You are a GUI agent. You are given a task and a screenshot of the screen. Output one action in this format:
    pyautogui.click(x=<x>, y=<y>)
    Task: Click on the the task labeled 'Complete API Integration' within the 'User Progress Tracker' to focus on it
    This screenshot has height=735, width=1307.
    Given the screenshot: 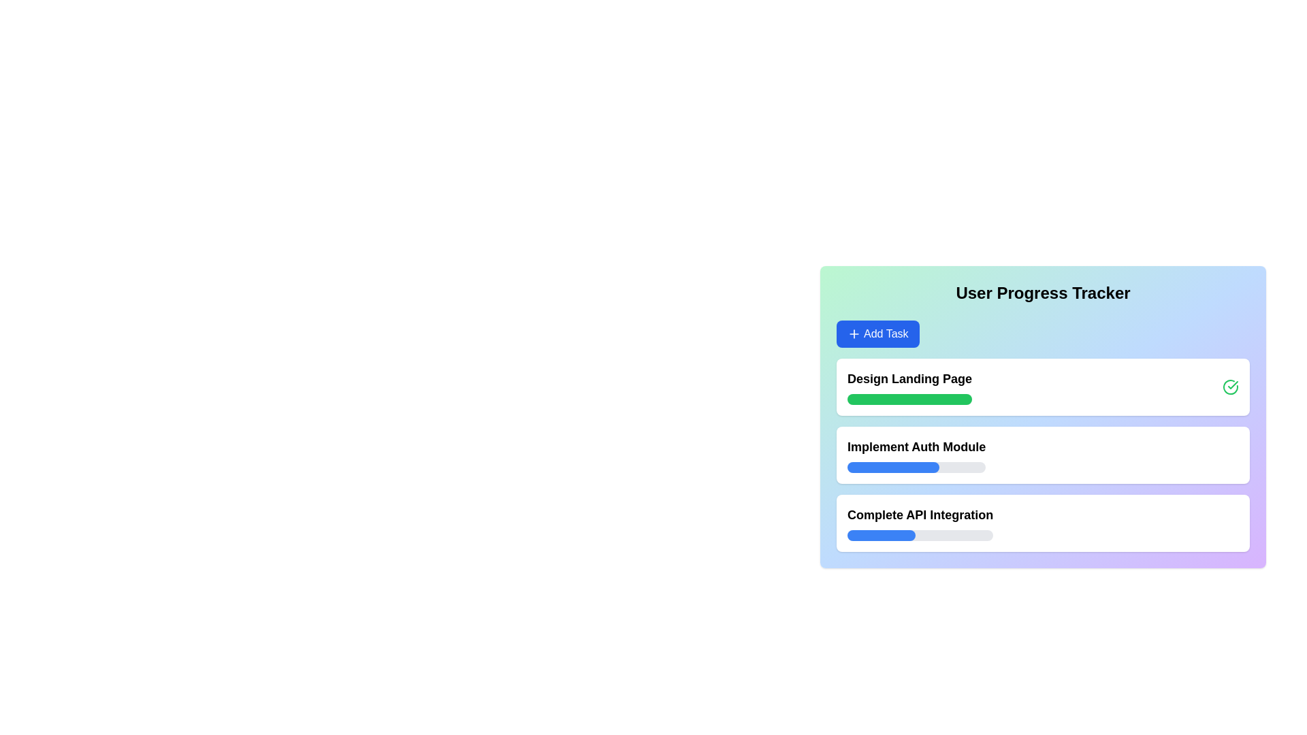 What is the action you would take?
    pyautogui.click(x=920, y=522)
    